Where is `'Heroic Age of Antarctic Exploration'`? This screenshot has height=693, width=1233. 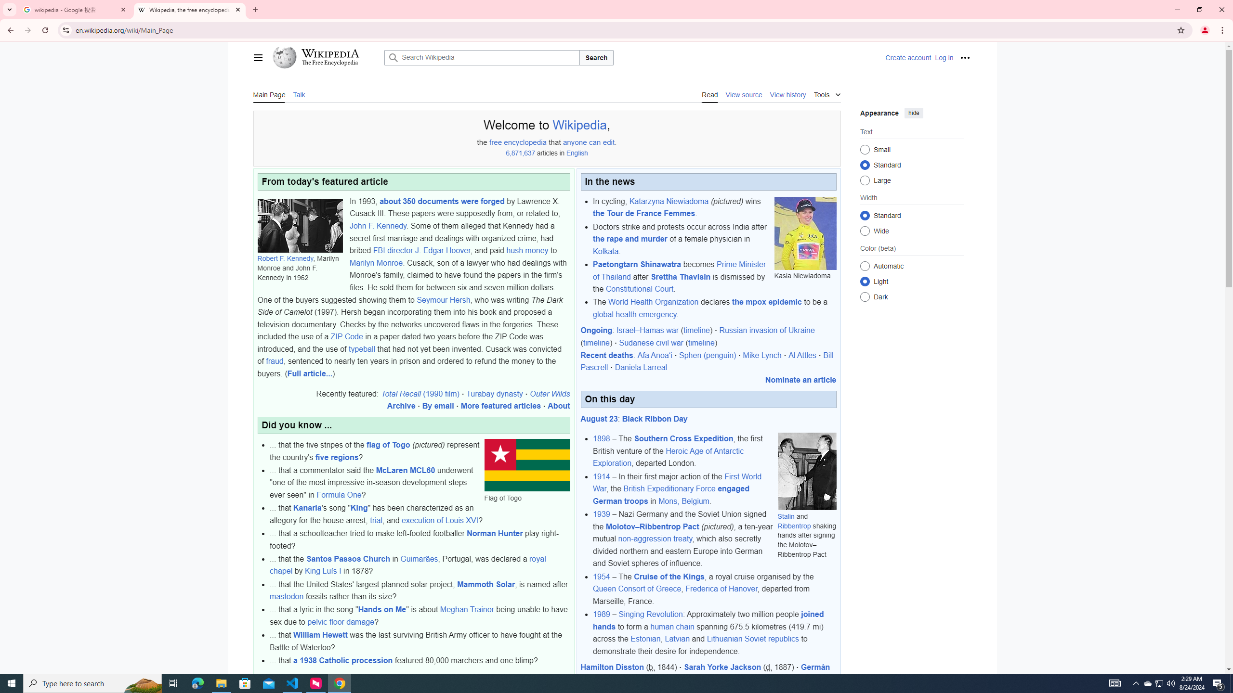 'Heroic Age of Antarctic Exploration' is located at coordinates (668, 457).